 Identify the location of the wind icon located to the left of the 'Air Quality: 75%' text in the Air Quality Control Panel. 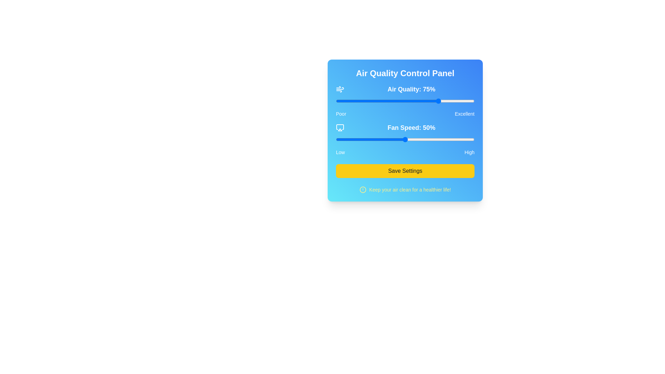
(340, 89).